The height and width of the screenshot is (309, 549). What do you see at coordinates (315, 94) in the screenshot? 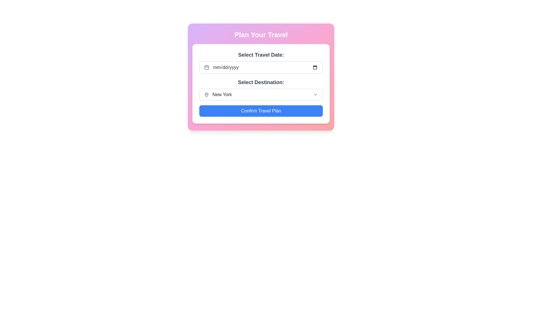
I see `the dropdown icon located at the far right of the 'Select Destination' area` at bounding box center [315, 94].